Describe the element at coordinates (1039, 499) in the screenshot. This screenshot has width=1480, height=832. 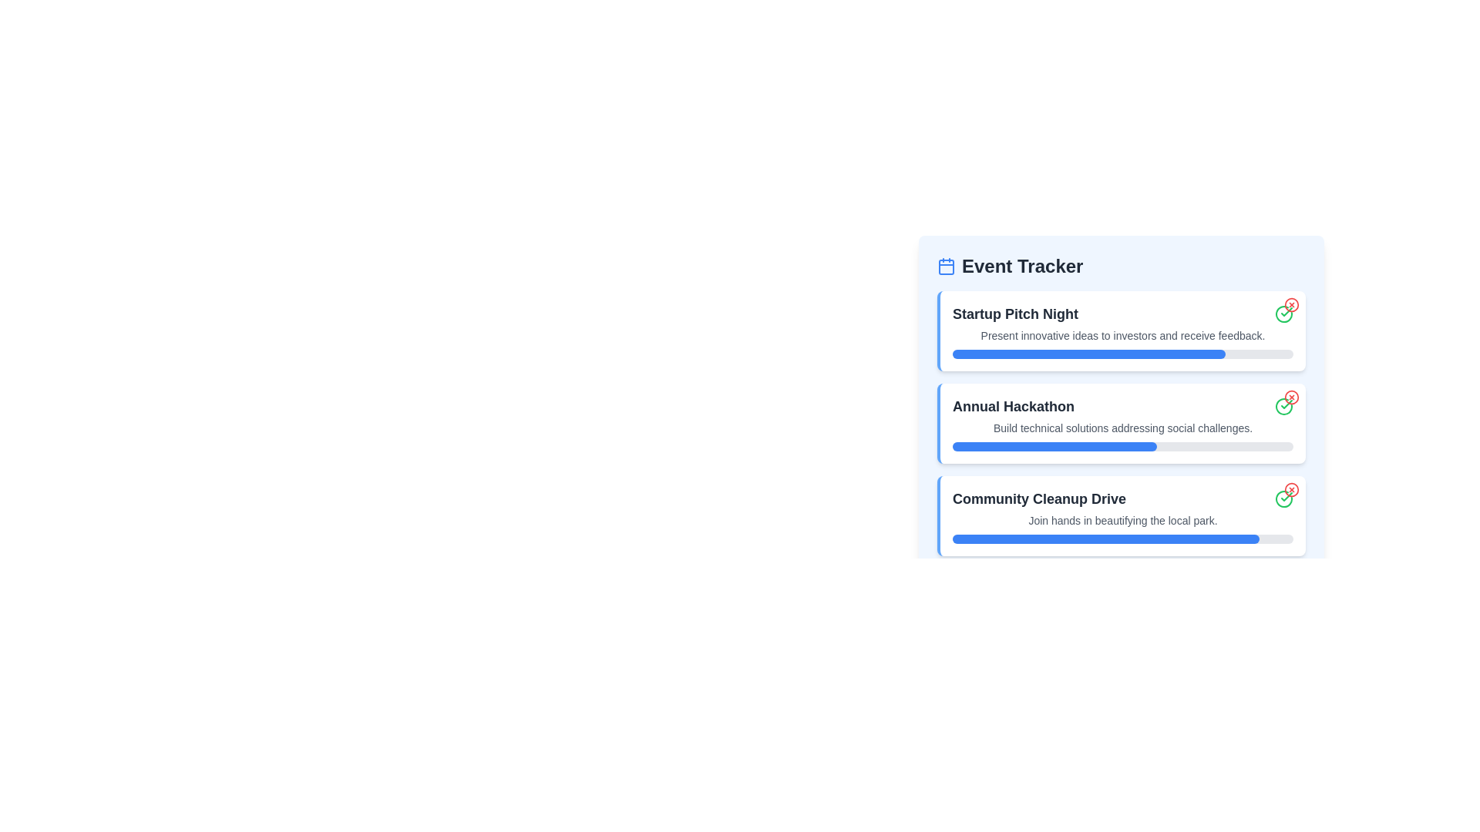
I see `the Text label that serves as a headline for the event, positioned within the 'Event Tracker' section, specifically between 'Annual Hackathon' and another element` at that location.